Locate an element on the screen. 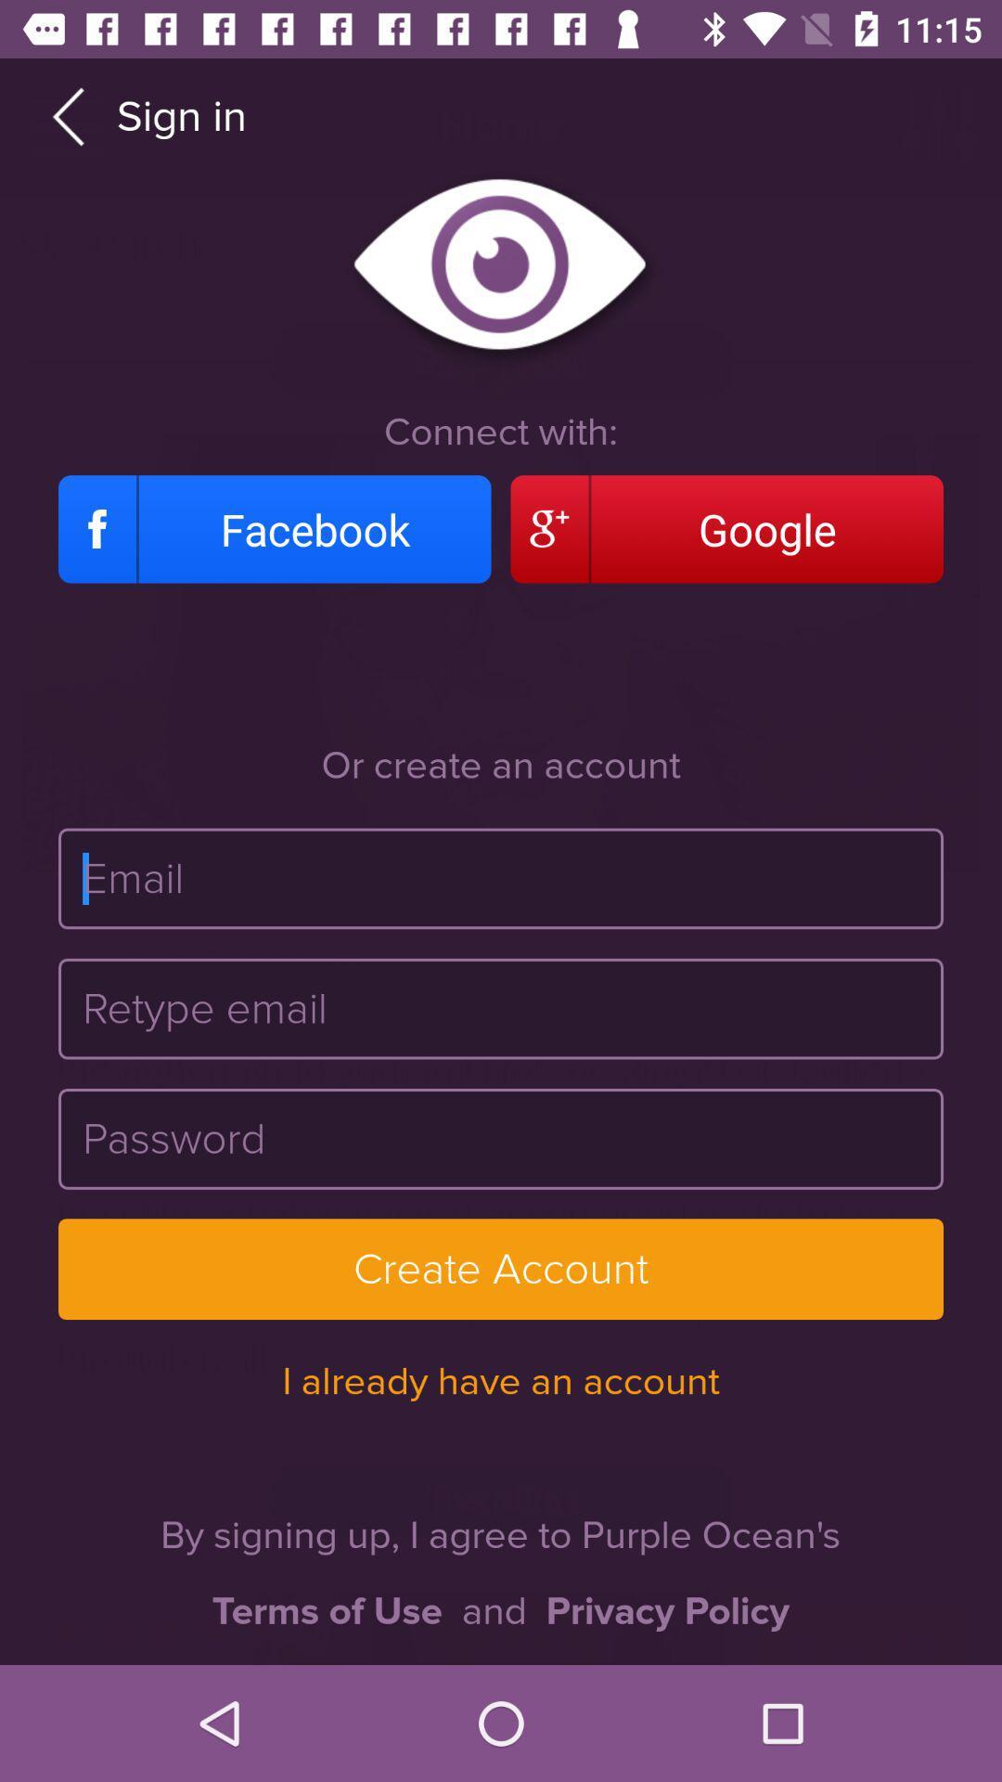 The height and width of the screenshot is (1782, 1002). the password is located at coordinates (501, 1138).